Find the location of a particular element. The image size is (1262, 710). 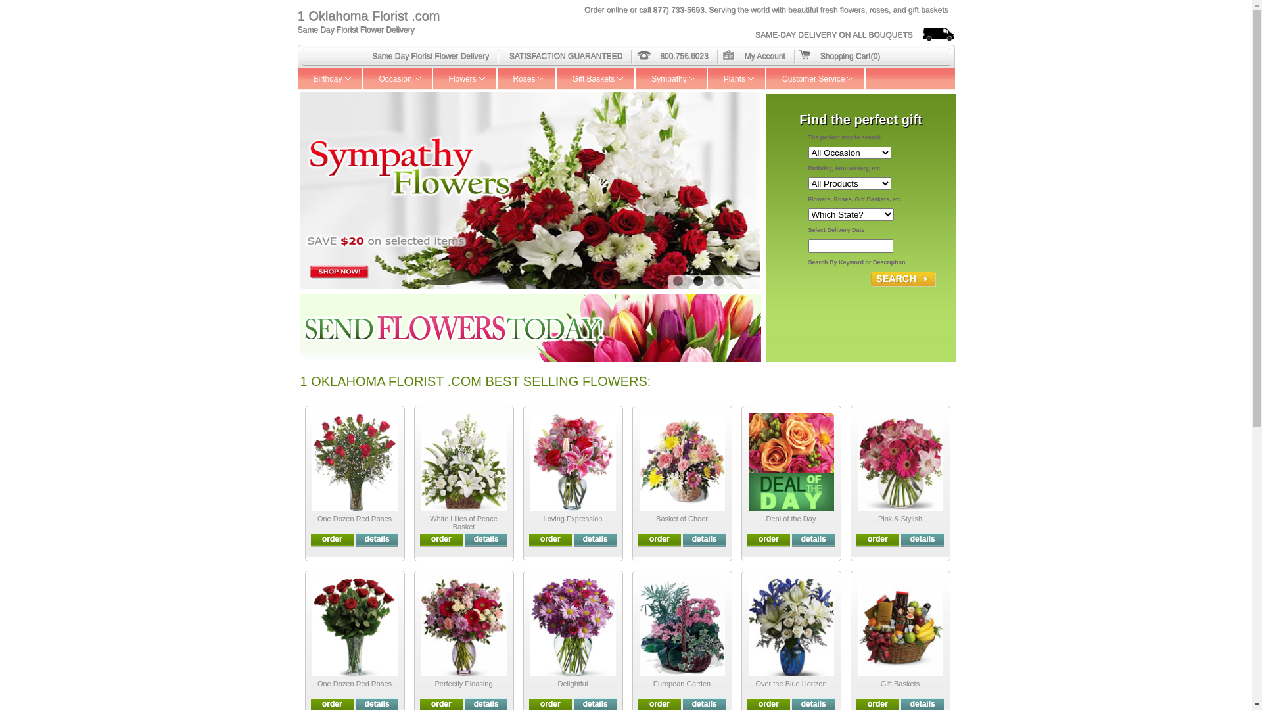

'Perfectly Pleasing' is located at coordinates (463, 683).